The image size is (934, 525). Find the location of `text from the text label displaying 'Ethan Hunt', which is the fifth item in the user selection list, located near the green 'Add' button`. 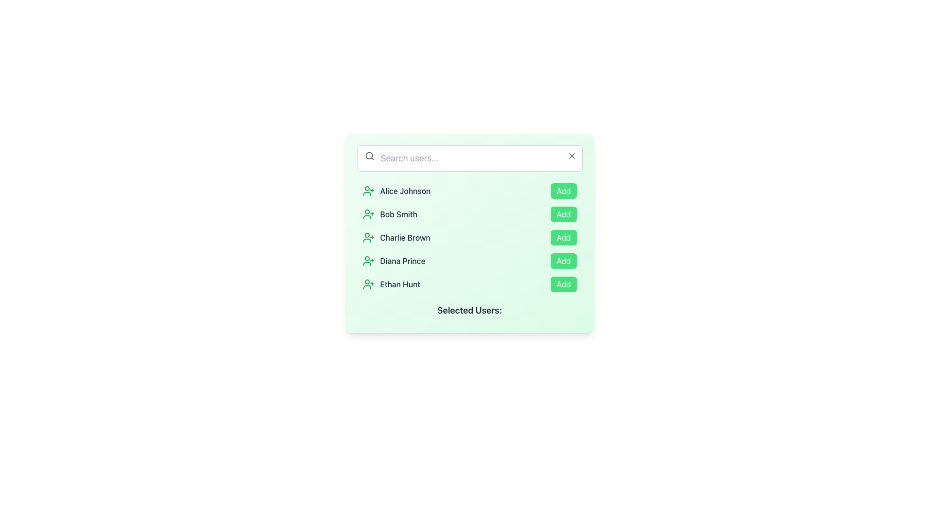

text from the text label displaying 'Ethan Hunt', which is the fifth item in the user selection list, located near the green 'Add' button is located at coordinates (391, 284).